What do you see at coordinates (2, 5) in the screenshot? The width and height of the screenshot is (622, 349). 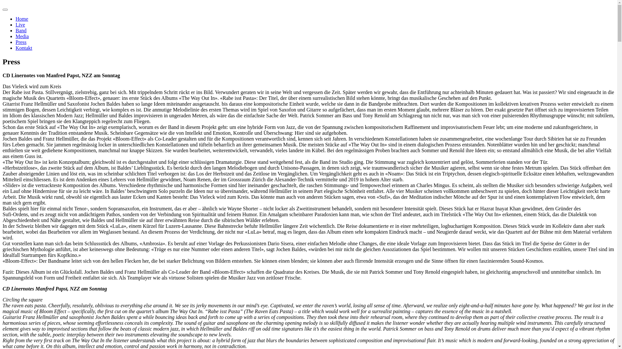 I see `'Skip to content'` at bounding box center [2, 5].